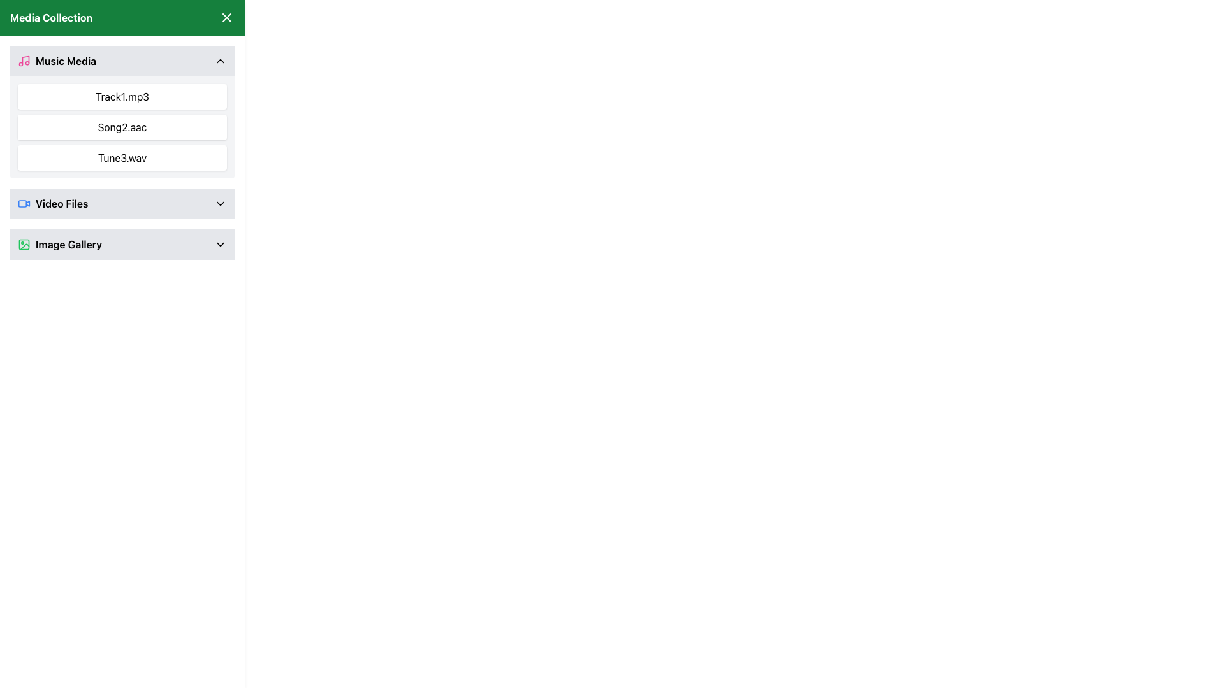 Image resolution: width=1224 pixels, height=688 pixels. What do you see at coordinates (68, 245) in the screenshot?
I see `bold text label 'Image Gallery' which is positioned to the right of an image icon within the 'Media Collection' panel` at bounding box center [68, 245].